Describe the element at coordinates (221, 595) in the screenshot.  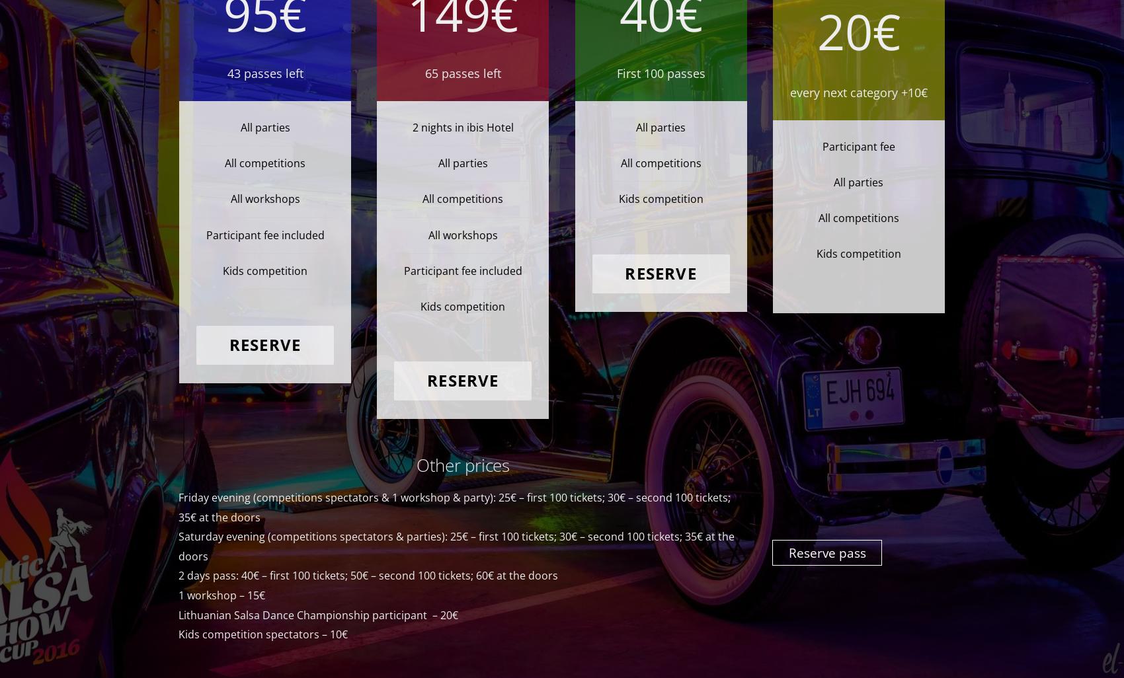
I see `'1 workshop – 15€'` at that location.